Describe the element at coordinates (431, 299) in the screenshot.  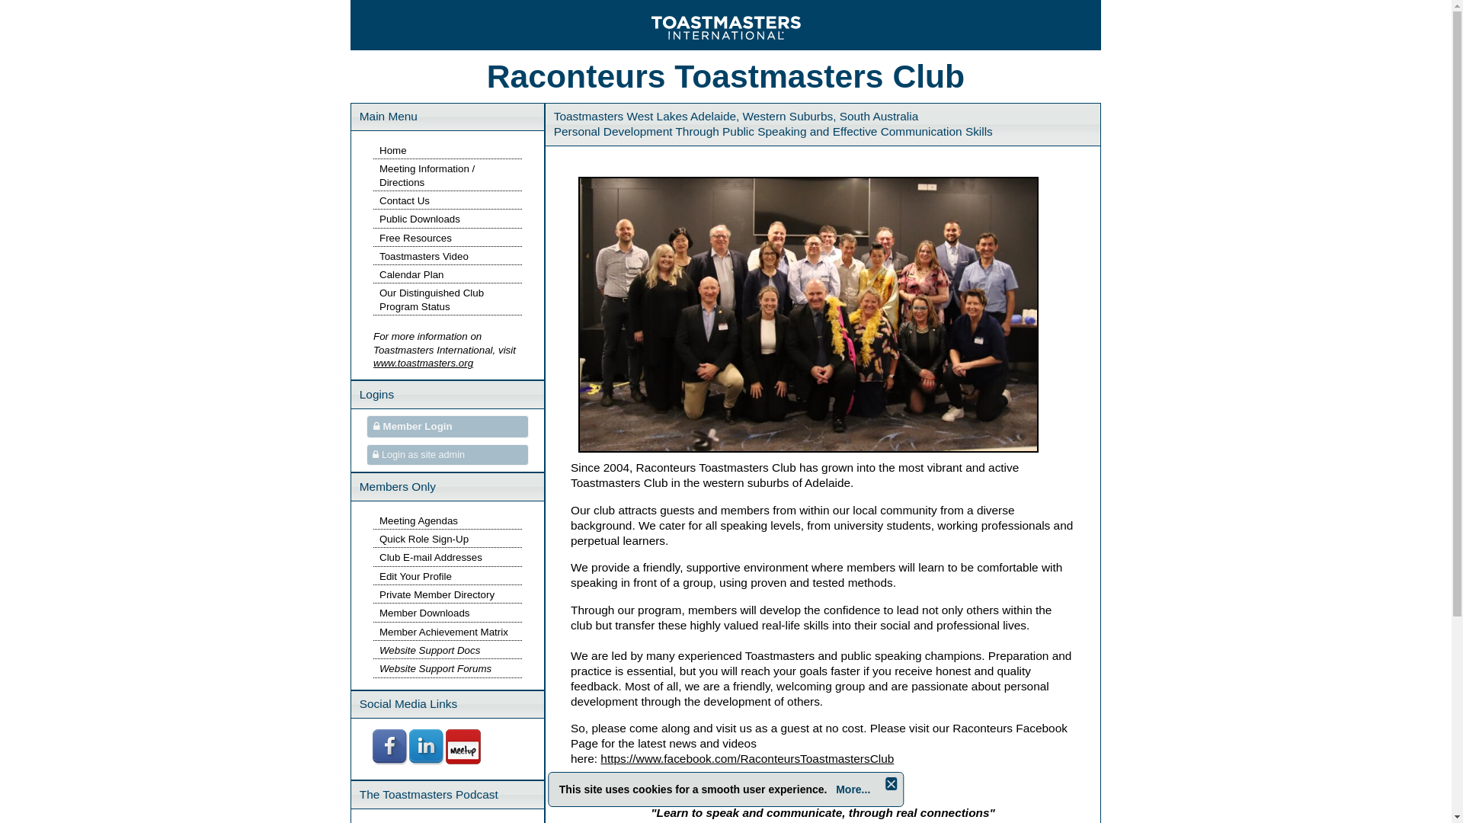
I see `'Our Distinguished Club Program Status'` at that location.